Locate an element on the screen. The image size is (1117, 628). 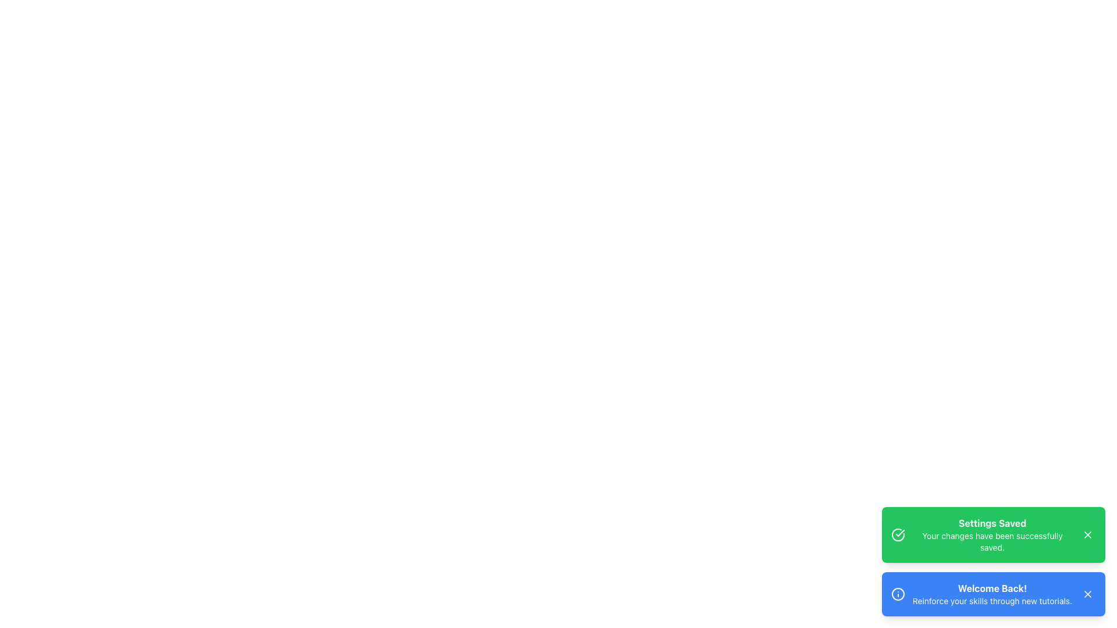
the bold text displaying 'Welcome Back!' in white font on a blue background, located at the top of the bottom notification banner is located at coordinates (991, 588).